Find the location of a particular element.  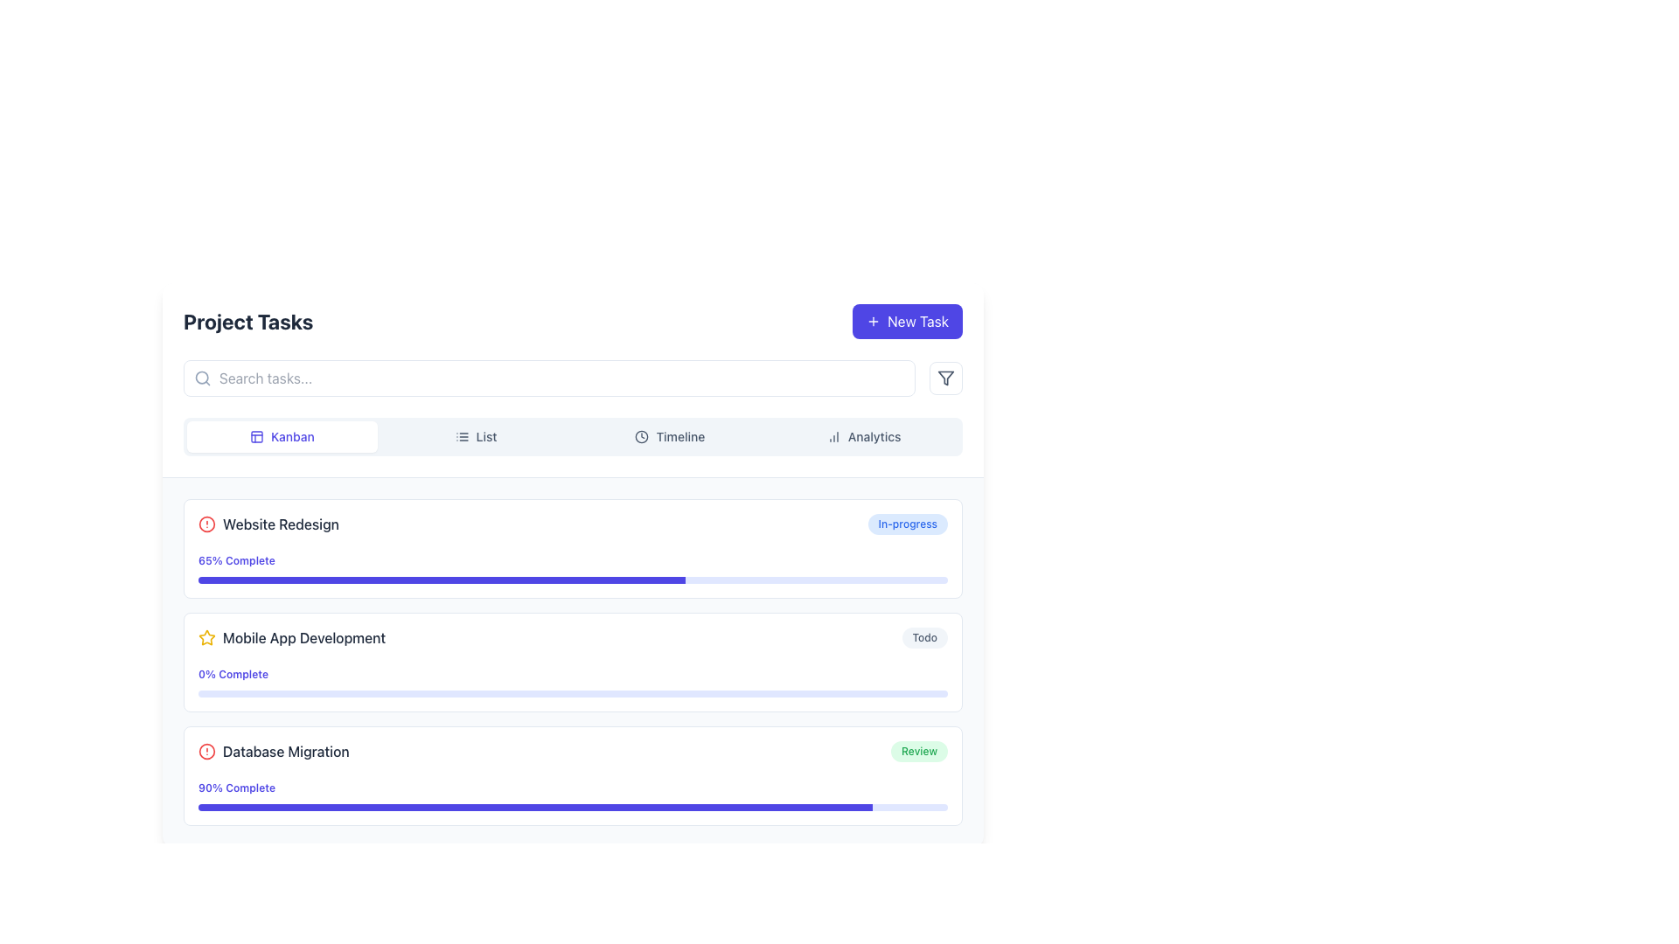

the progress bar in the 'Mobile App Development' section, which has a light indigo background and indicates current progress at 0% is located at coordinates (573, 693).